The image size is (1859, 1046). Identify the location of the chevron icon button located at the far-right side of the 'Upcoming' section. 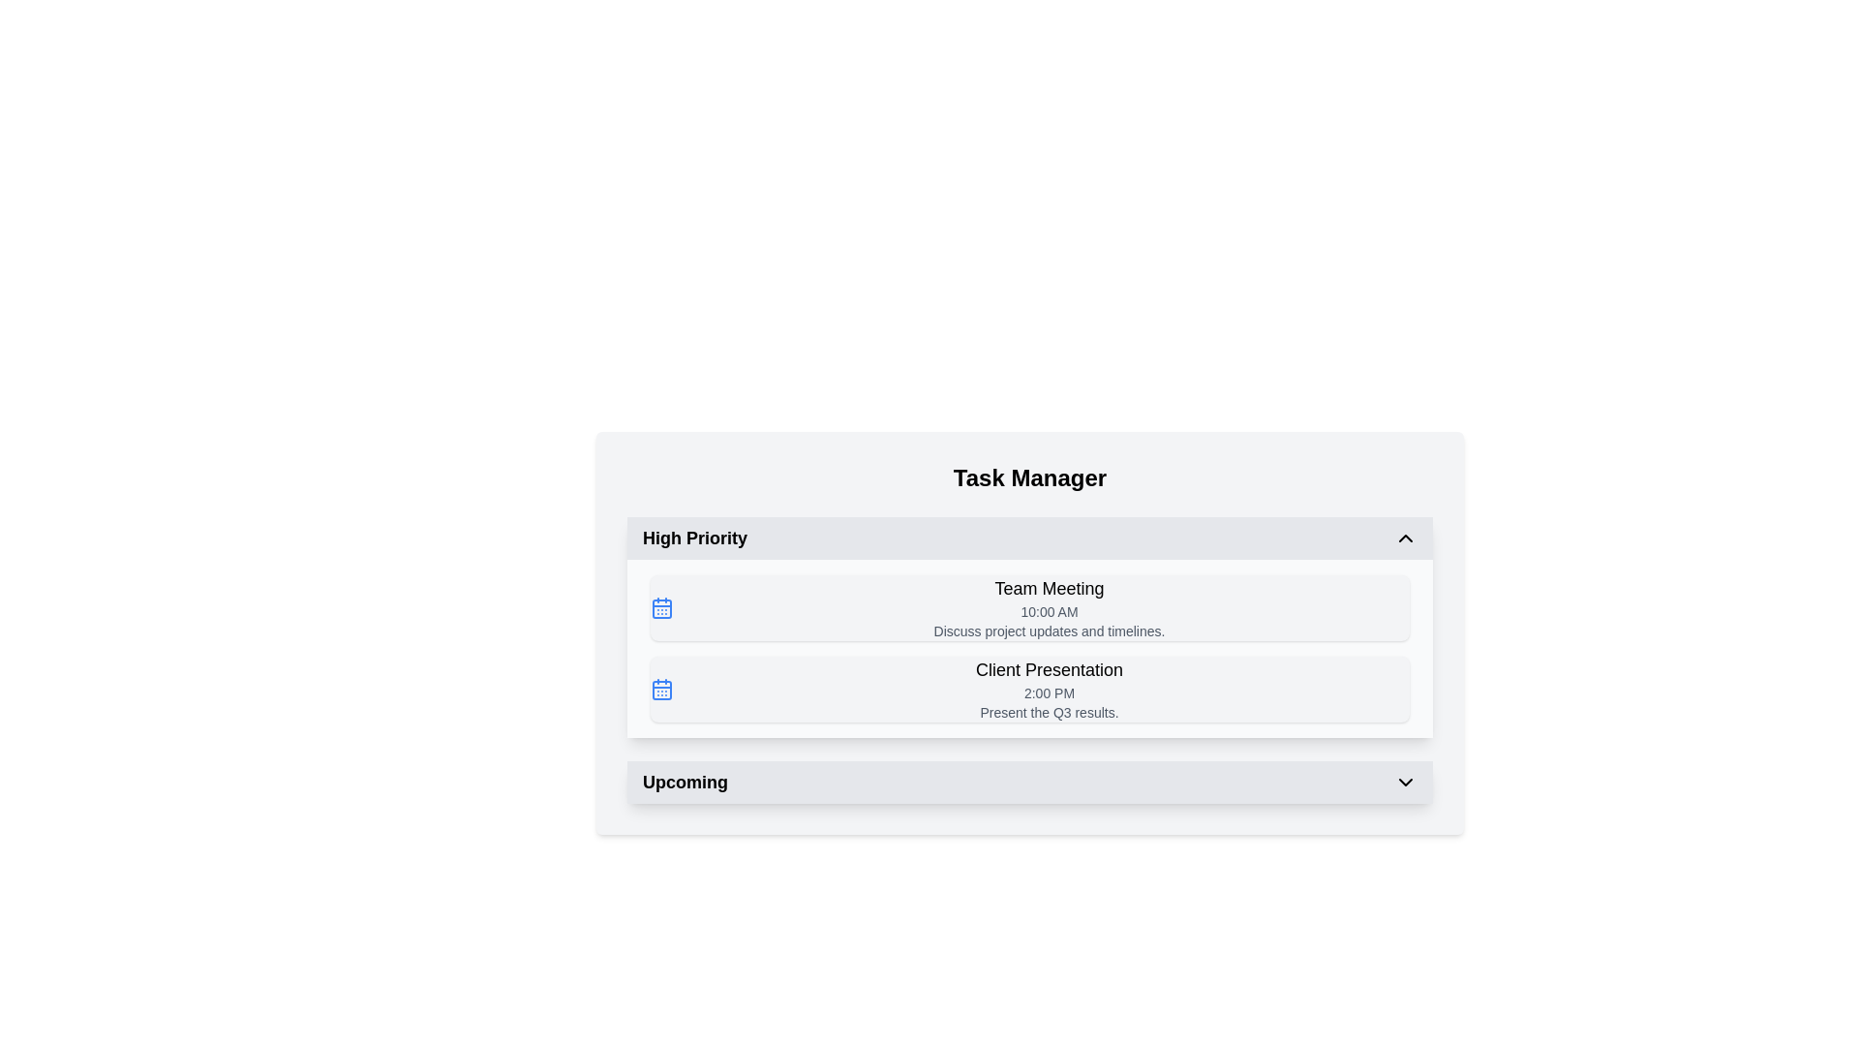
(1405, 781).